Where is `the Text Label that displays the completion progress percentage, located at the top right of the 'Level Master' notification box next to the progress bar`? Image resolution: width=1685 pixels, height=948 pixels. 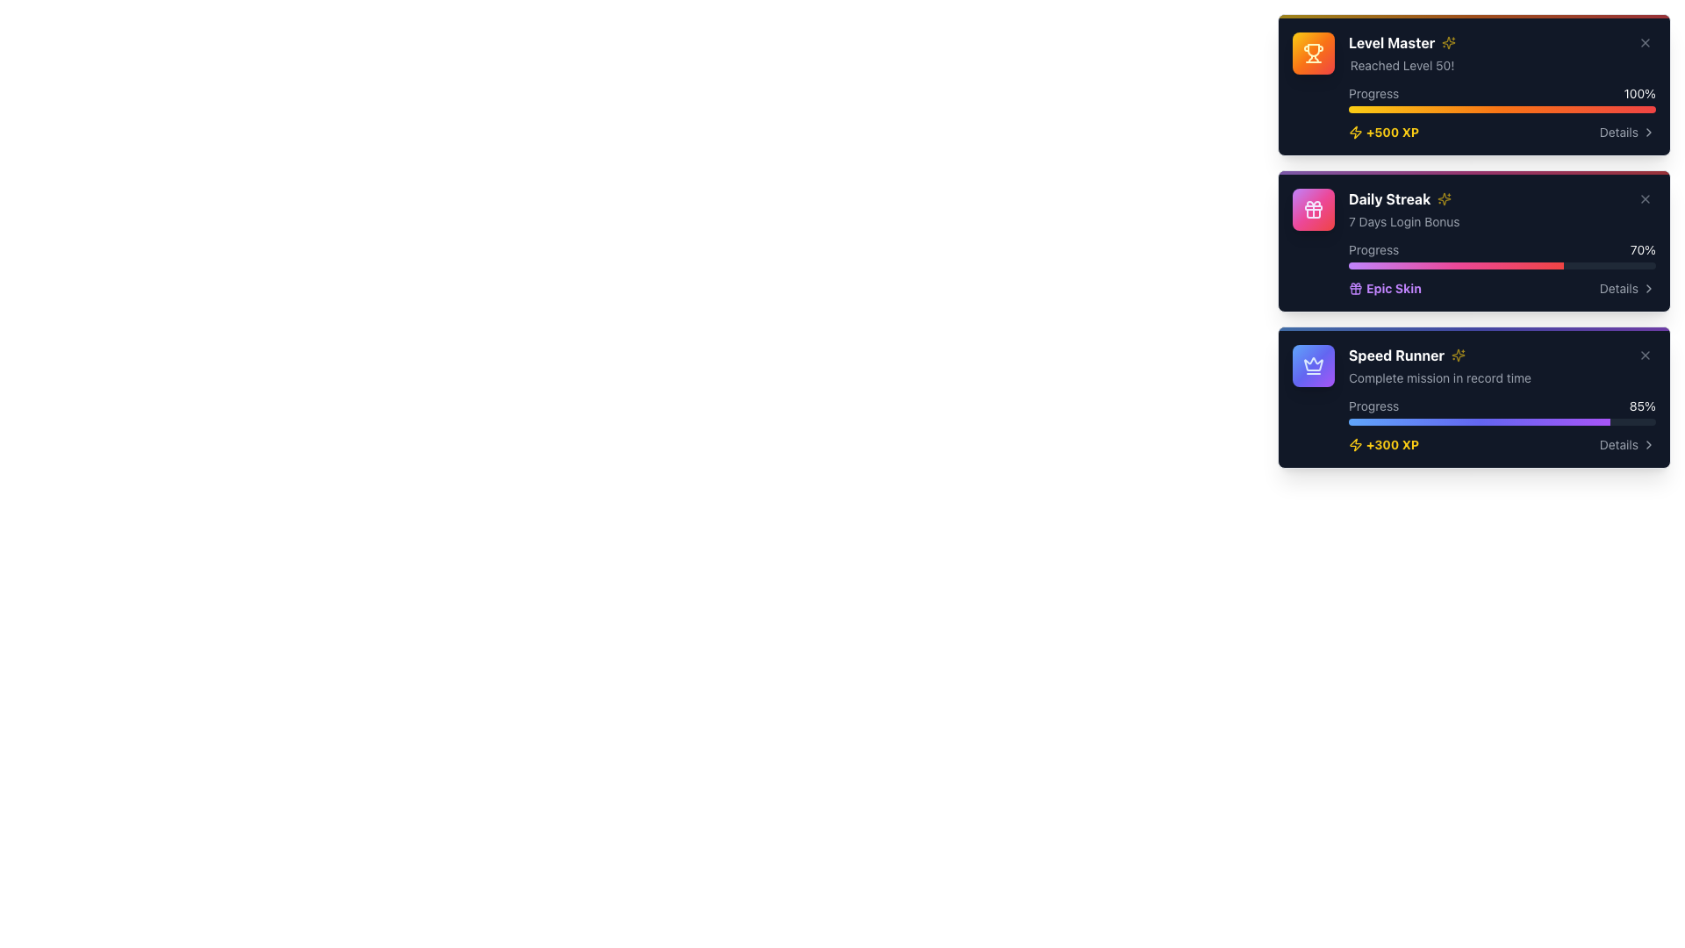 the Text Label that displays the completion progress percentage, located at the top right of the 'Level Master' notification box next to the progress bar is located at coordinates (1638, 94).